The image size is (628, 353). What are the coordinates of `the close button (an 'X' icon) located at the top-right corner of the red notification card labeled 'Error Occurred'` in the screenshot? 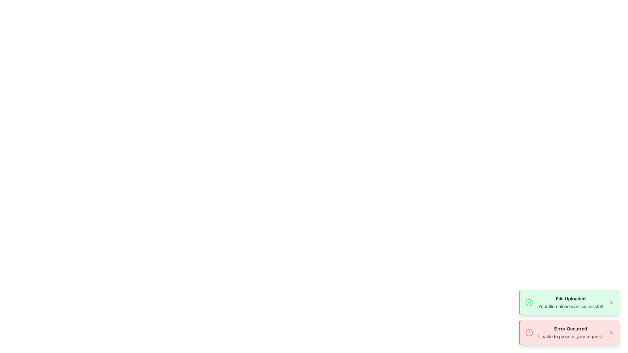 It's located at (611, 333).